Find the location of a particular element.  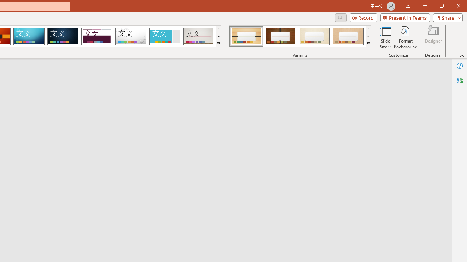

'Circuit' is located at coordinates (29, 36).